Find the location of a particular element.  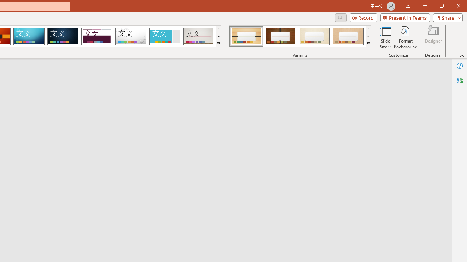

'Circuit' is located at coordinates (29, 36).